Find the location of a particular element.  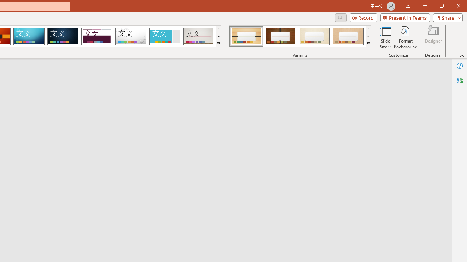

'Circuit' is located at coordinates (29, 36).